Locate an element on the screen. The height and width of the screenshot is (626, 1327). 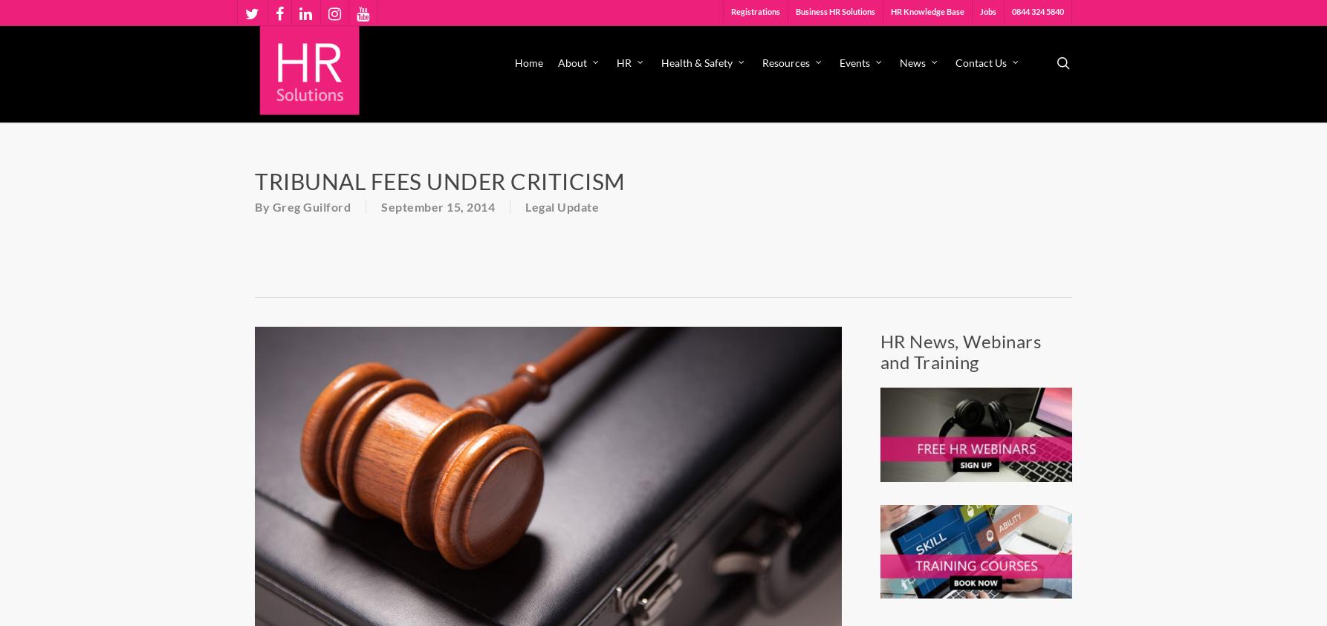
'HR' is located at coordinates (615, 62).